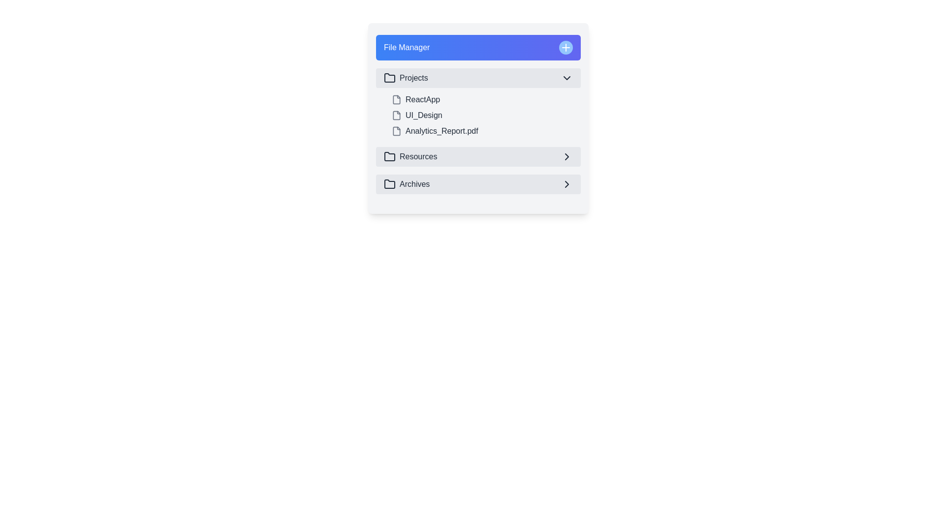  What do you see at coordinates (389, 77) in the screenshot?
I see `the folder icon in the top left of the 'Projects' section` at bounding box center [389, 77].